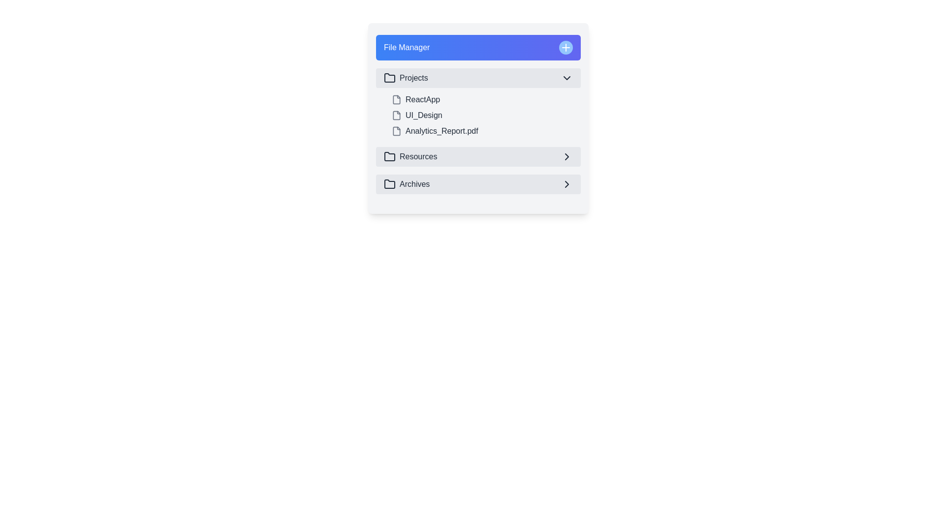  What do you see at coordinates (389, 77) in the screenshot?
I see `the folder icon in the top left of the 'Projects' section` at bounding box center [389, 77].